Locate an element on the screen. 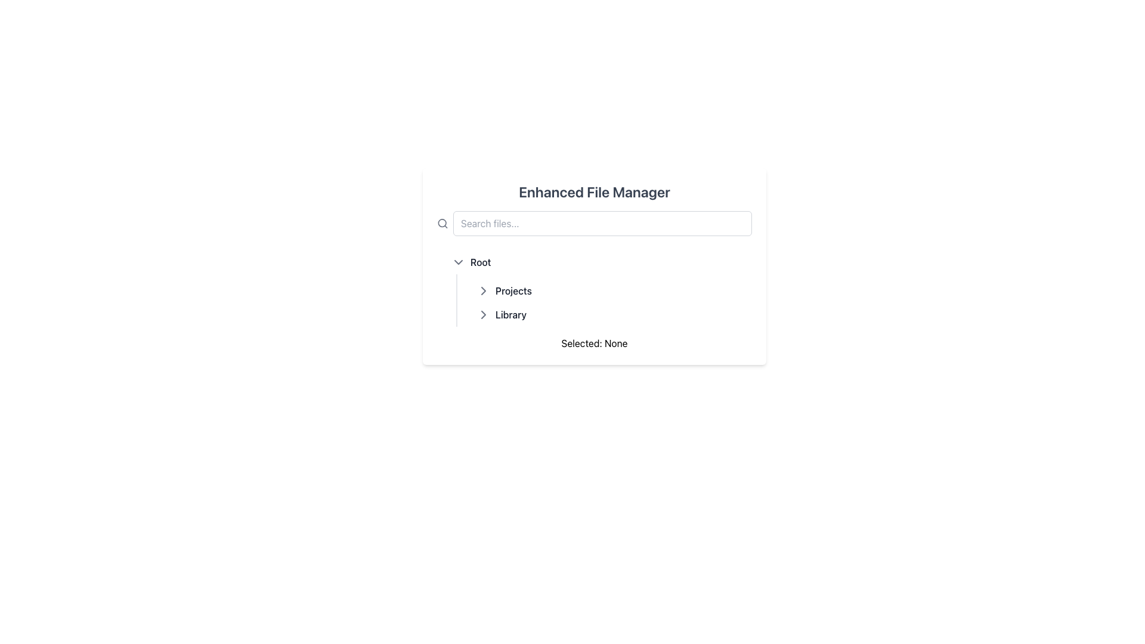  the Chevron Icon next to the 'Library' text is located at coordinates (484, 314).